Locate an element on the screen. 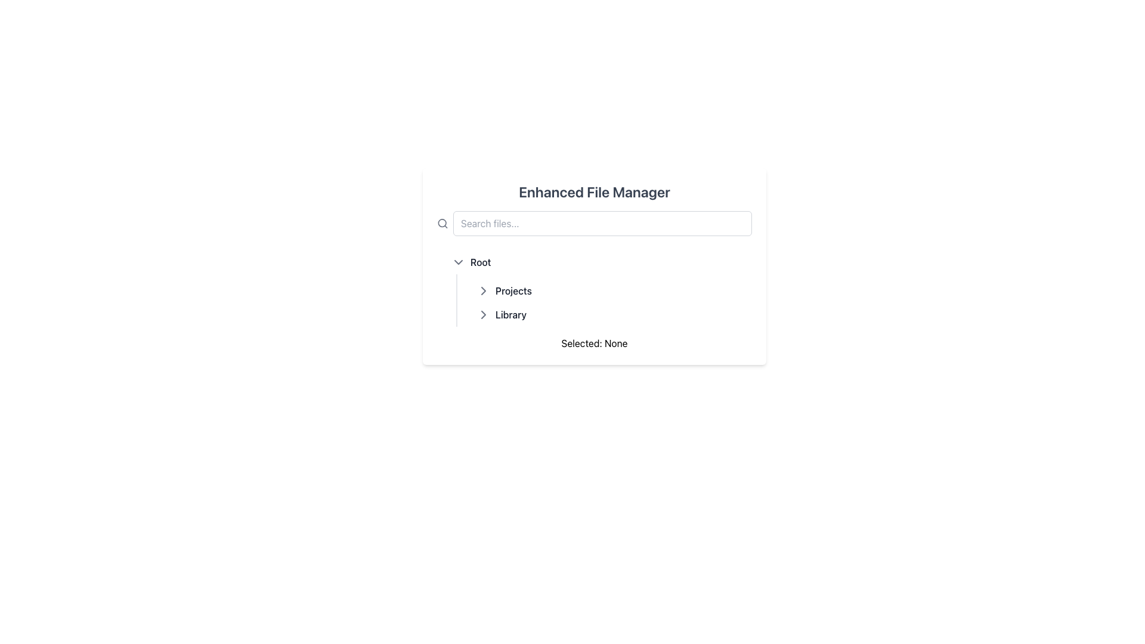  the Chevron Icon next to the 'Library' text is located at coordinates (484, 314).